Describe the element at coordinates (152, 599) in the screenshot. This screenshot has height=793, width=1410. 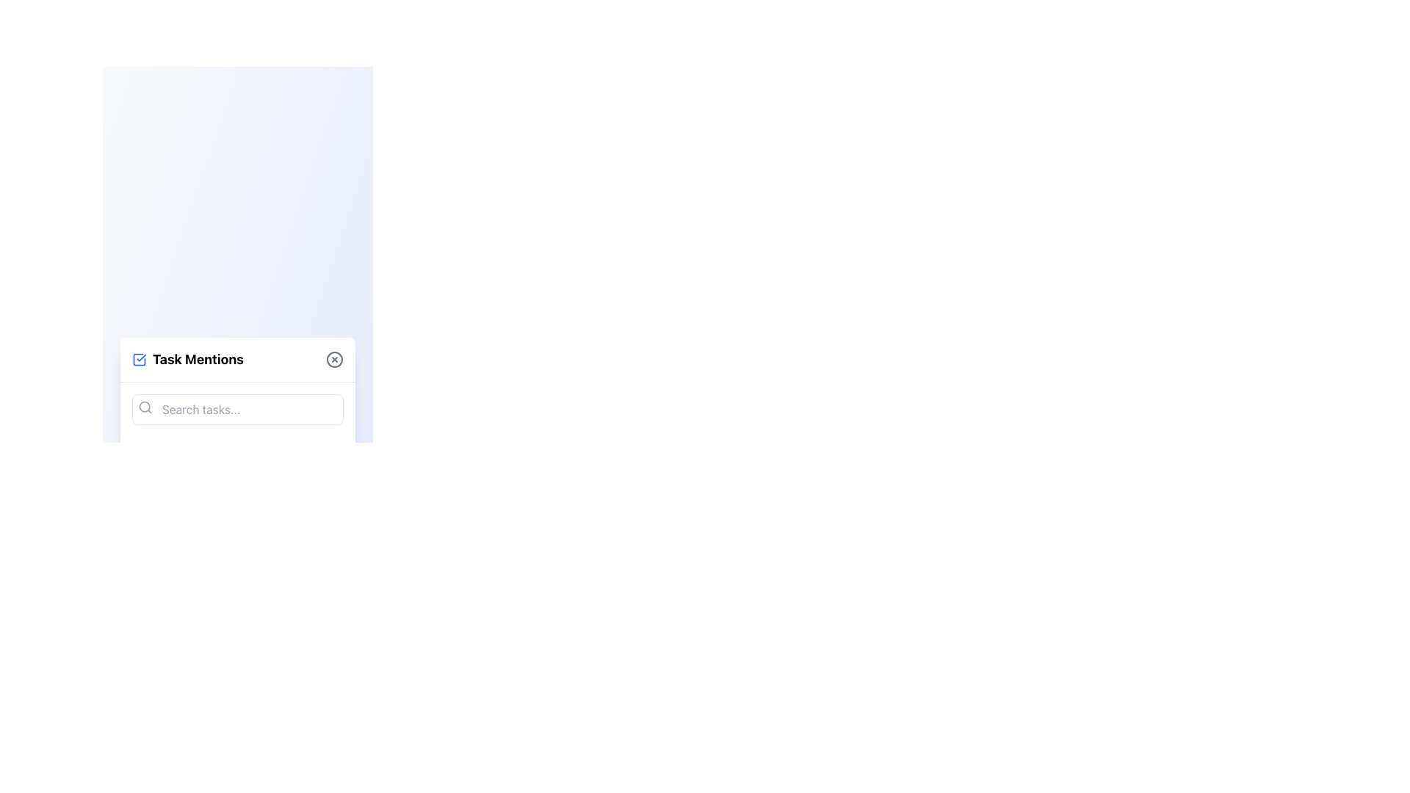
I see `the unfilled circular SVG element located in the bottom-left section of the interface` at that location.